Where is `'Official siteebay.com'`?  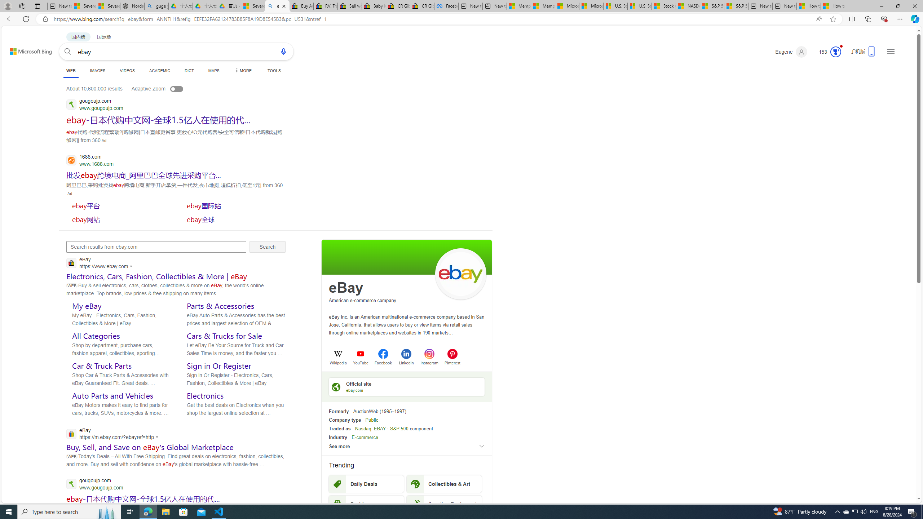
'Official siteebay.com' is located at coordinates (406, 386).